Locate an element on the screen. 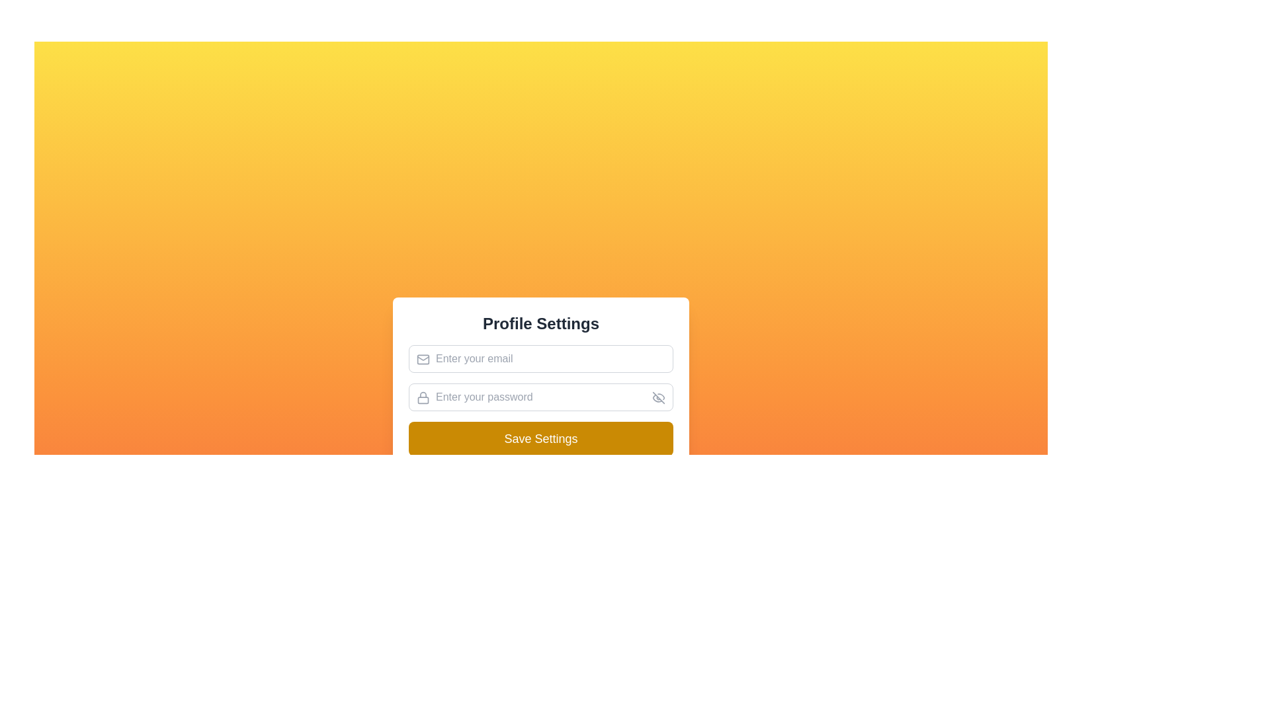 This screenshot has height=714, width=1270. the 'Save Settings' button with a yellow-orange background is located at coordinates (540, 438).